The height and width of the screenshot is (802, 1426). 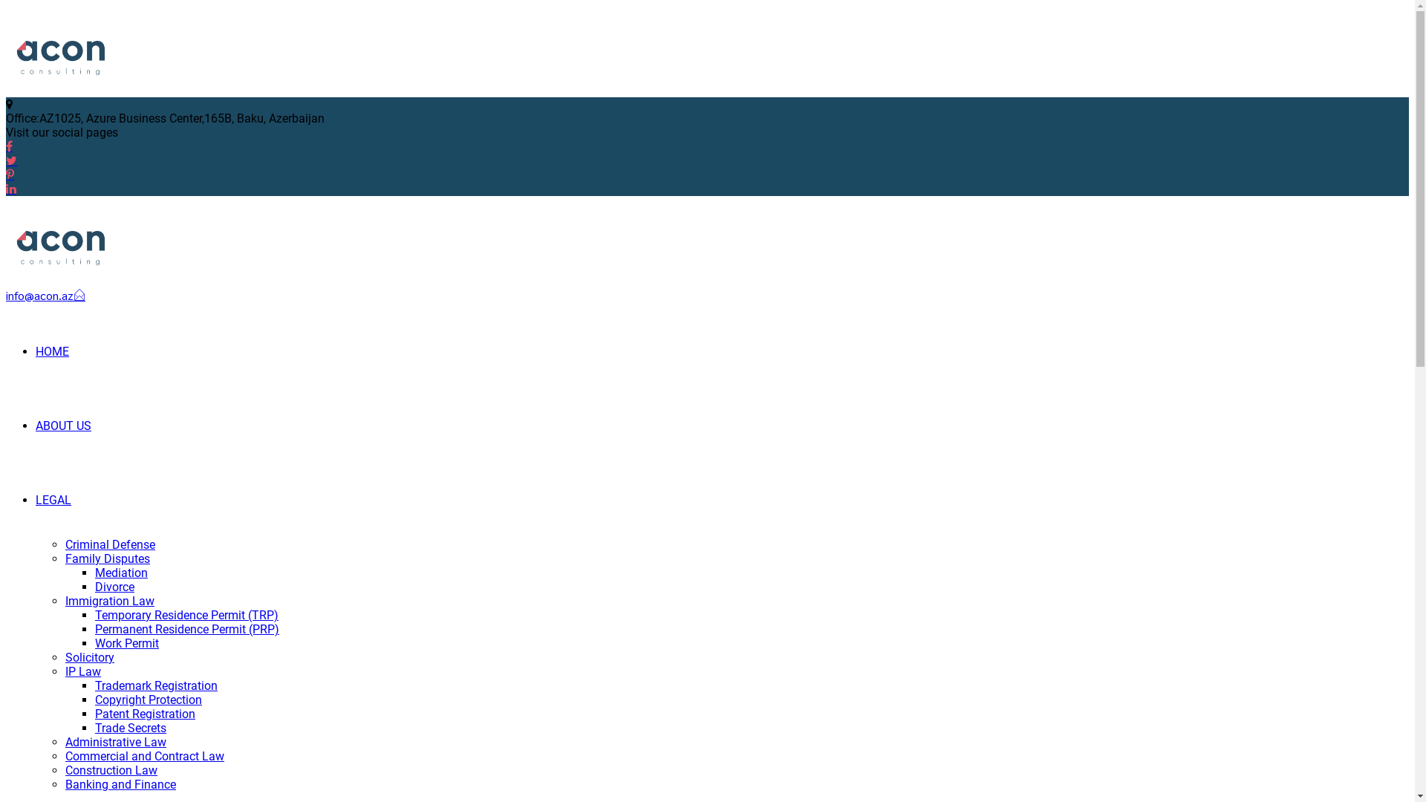 I want to click on 'Temporary Residence Permit (TRP)', so click(x=186, y=615).